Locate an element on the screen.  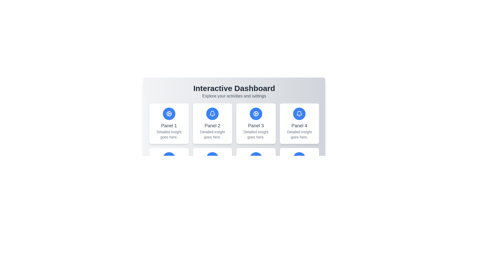
descriptive text displayed in a smaller, gray font stating 'Detailed insight goes here.' located in the fourth panel of the grid layout titled 'Panel 4' is located at coordinates (299, 134).